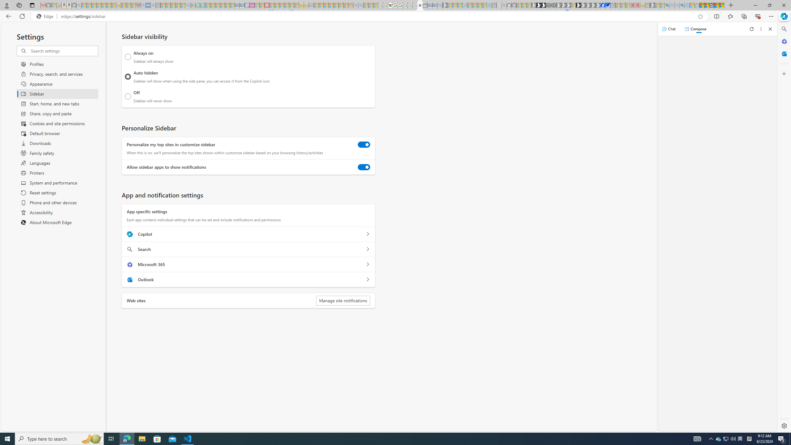 This screenshot has height=445, width=791. Describe the element at coordinates (128, 96) in the screenshot. I see `'Off Sidebar will never show'` at that location.